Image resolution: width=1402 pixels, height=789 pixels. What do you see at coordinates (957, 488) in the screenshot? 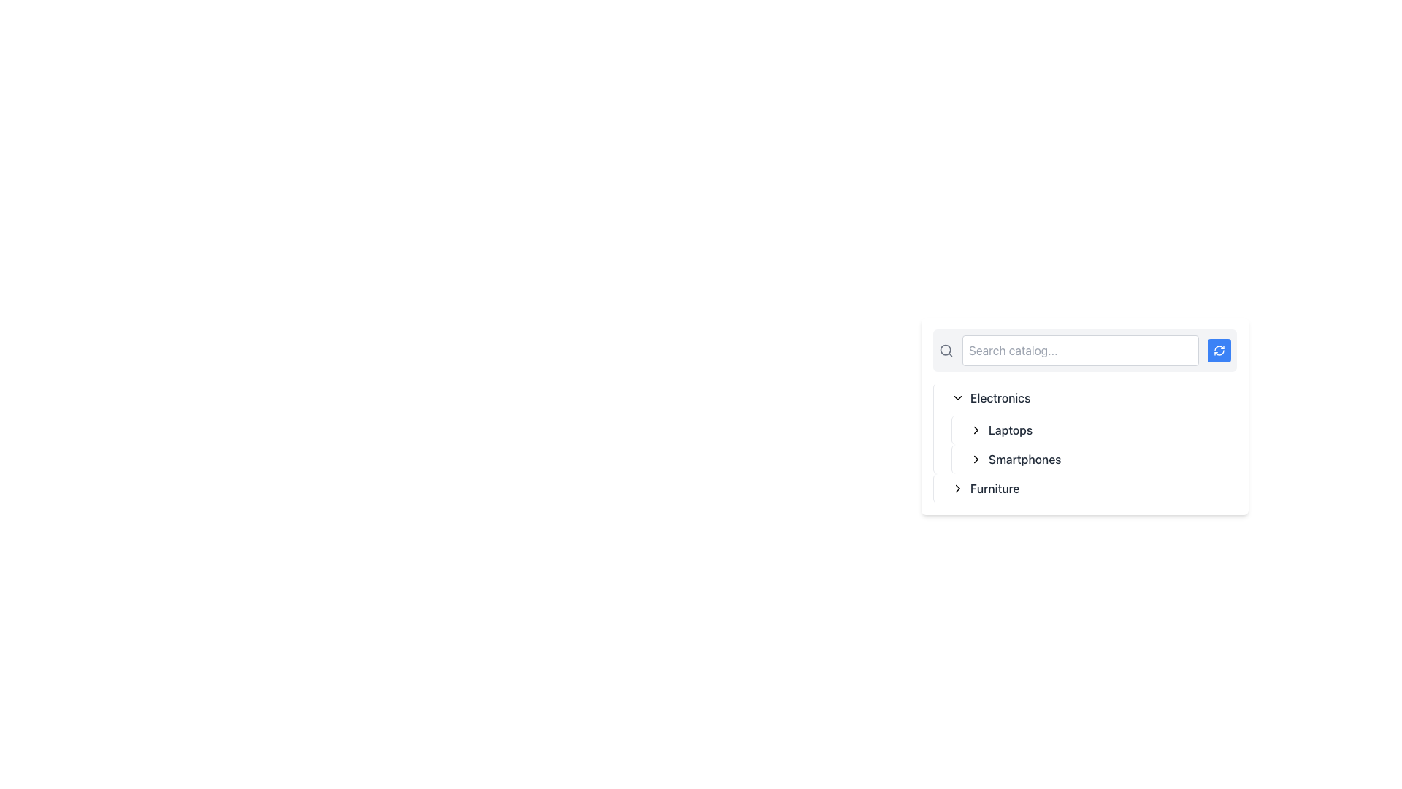
I see `the expandable 'Furniture' category icon located to the left of the text 'Furniture' in the vertical navigation menu` at bounding box center [957, 488].